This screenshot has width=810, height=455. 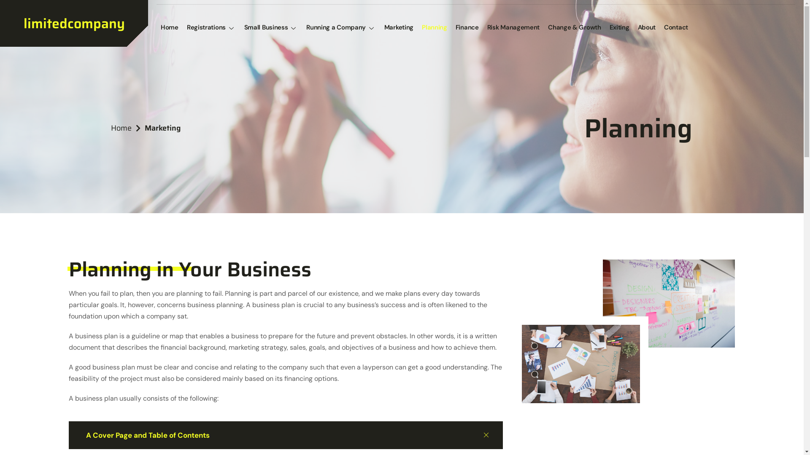 What do you see at coordinates (211, 27) in the screenshot?
I see `'Registrations'` at bounding box center [211, 27].